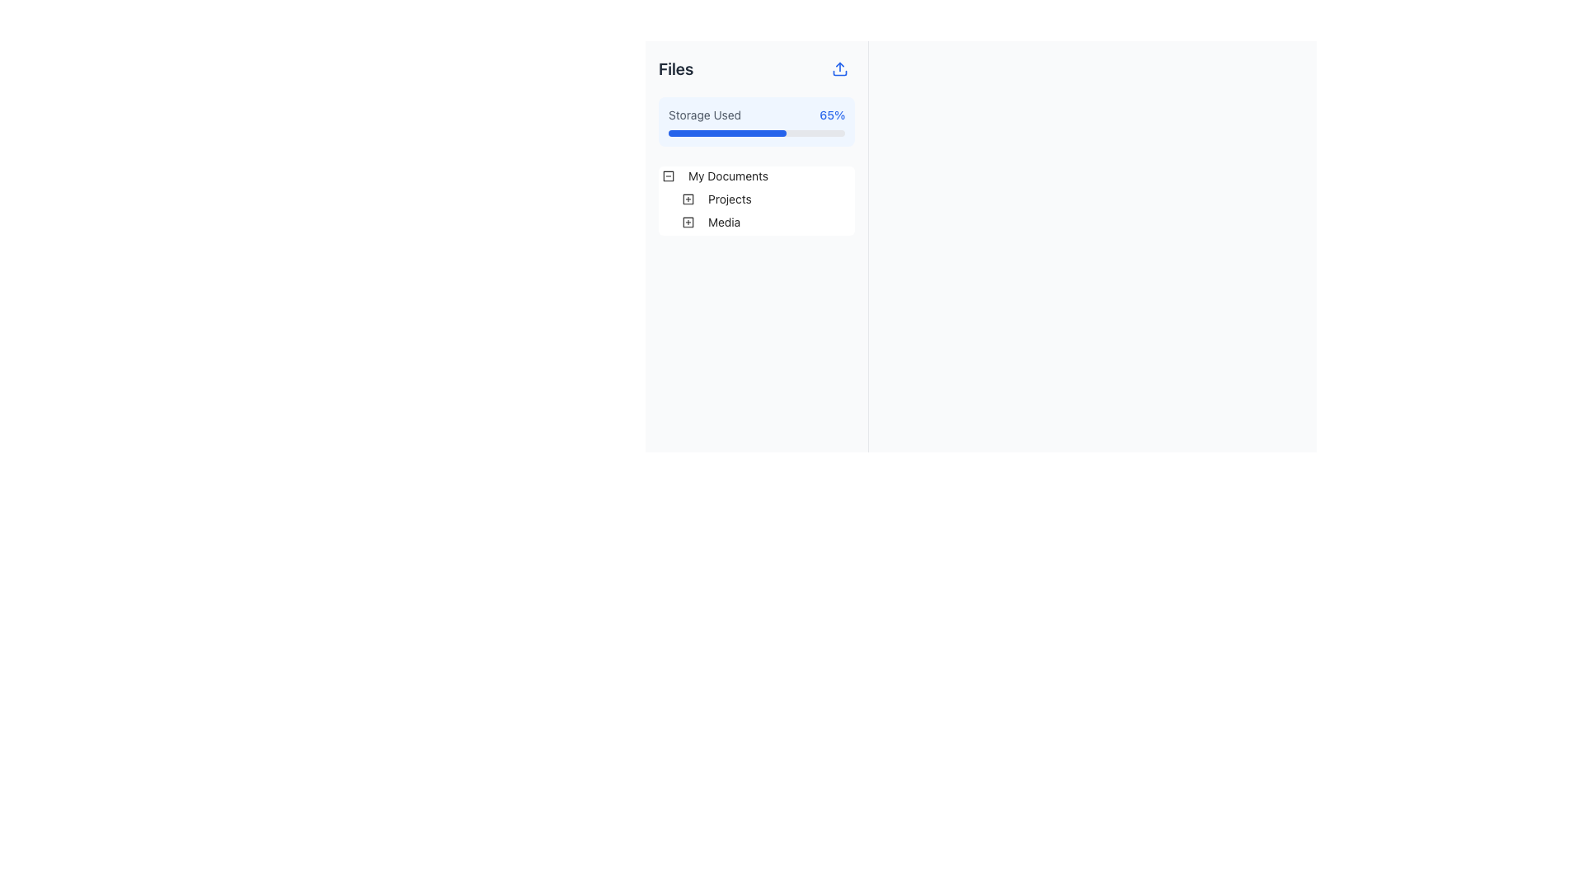 The height and width of the screenshot is (890, 1583). I want to click on the Text Label indicating the percentage of storage used, located to the right of 'Storage Used' in the top-right corner of its section, so click(832, 114).